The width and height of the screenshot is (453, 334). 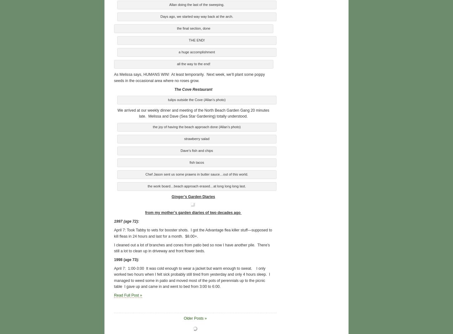 What do you see at coordinates (191, 247) in the screenshot?
I see `'I cleaned out a lot of branches and cones from patio bed so now I have another pile.  There’s still a lot to clean up in driveway and front flower beds.'` at bounding box center [191, 247].